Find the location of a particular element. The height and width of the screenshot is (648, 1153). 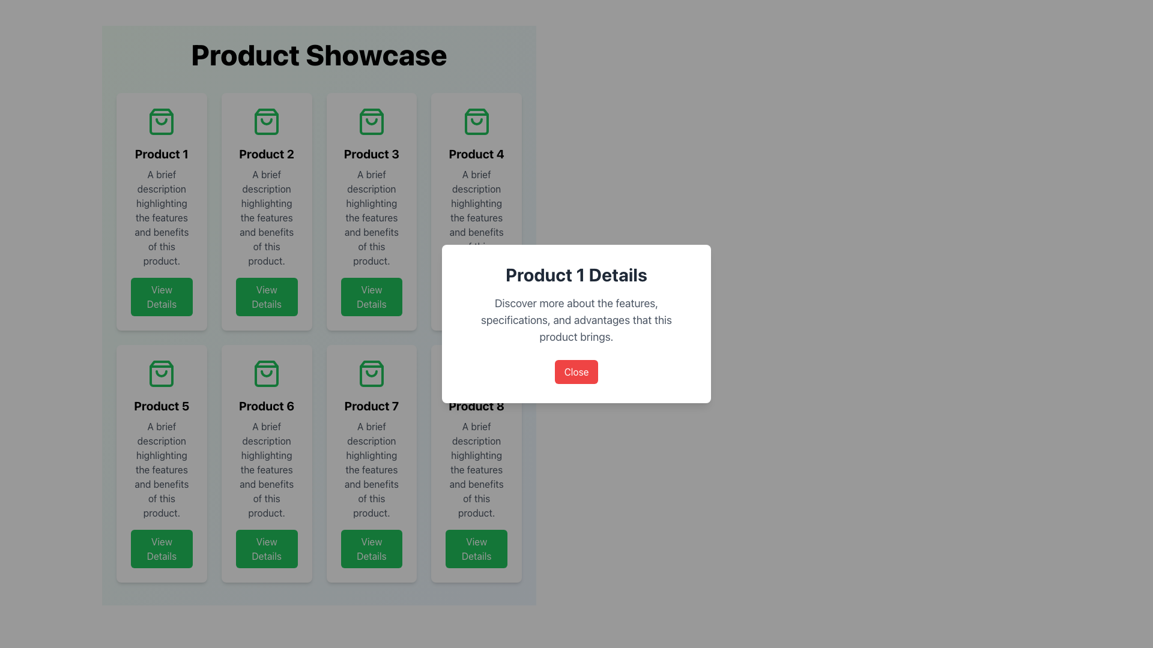

the close button located at the bottom edge of the modal window is located at coordinates (576, 371).